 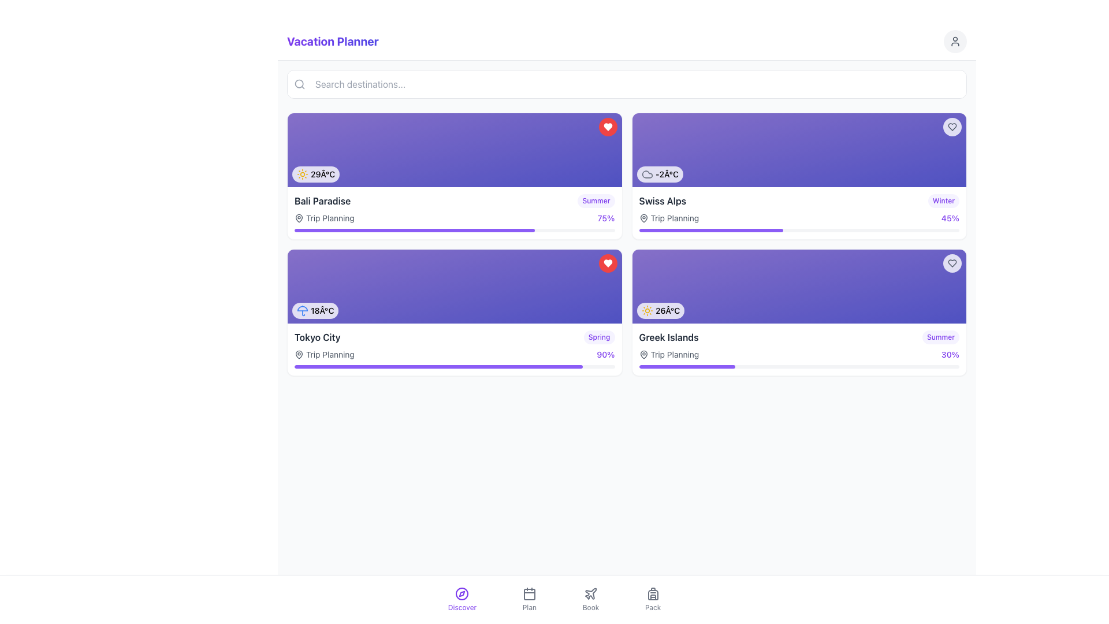 I want to click on the Information card located in the top-right corner of the grid, adjacent to the 'Bali Paradise' card, so click(x=798, y=176).